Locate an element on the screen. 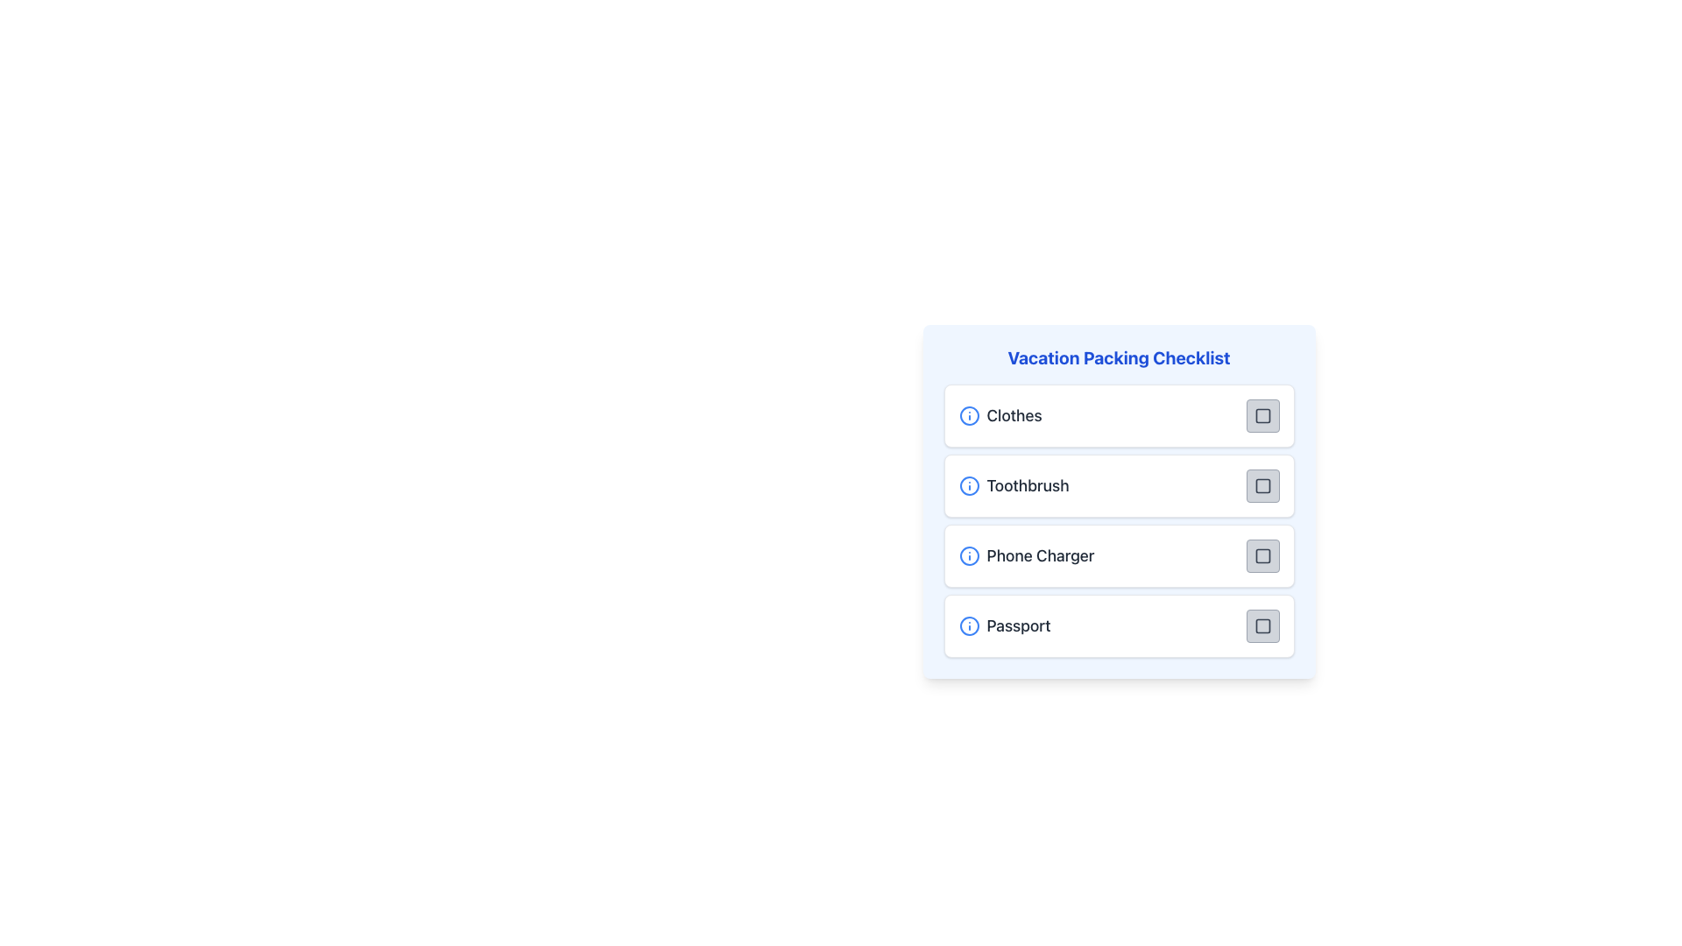 The height and width of the screenshot is (946, 1682). the 'Passport' checklist item in the 'Vacation Packing Checklist' by clicking the associated button to check or uncheck it is located at coordinates (1118, 625).